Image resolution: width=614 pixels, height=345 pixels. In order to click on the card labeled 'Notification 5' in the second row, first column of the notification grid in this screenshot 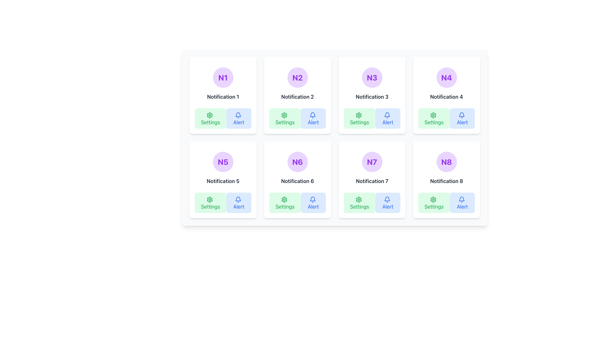, I will do `click(223, 180)`.